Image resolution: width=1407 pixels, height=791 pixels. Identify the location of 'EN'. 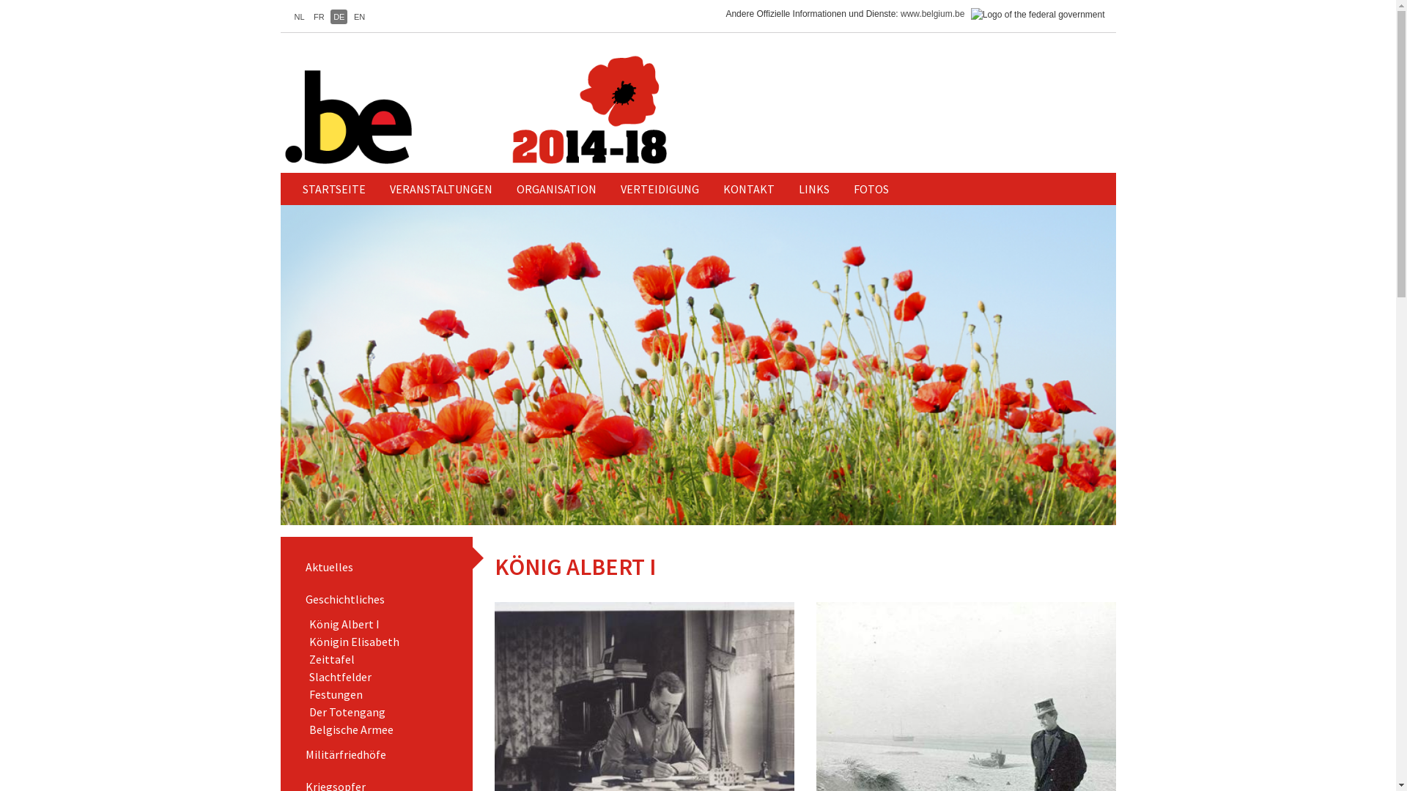
(350, 17).